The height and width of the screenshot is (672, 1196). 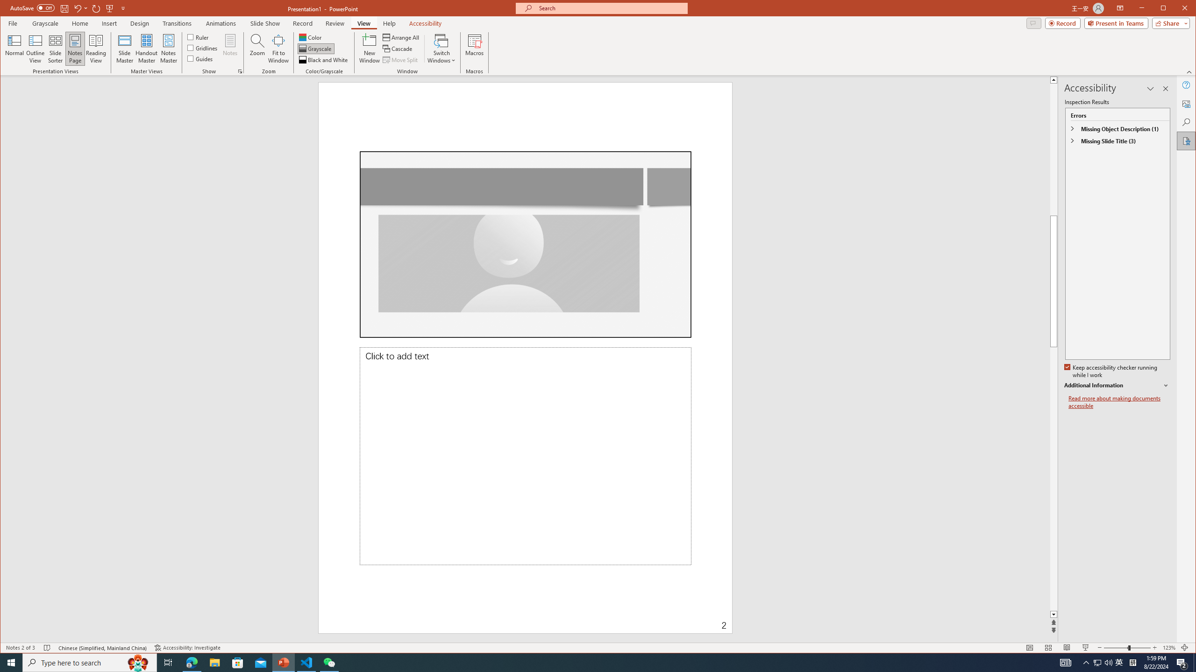 I want to click on 'Ruler', so click(x=198, y=36).